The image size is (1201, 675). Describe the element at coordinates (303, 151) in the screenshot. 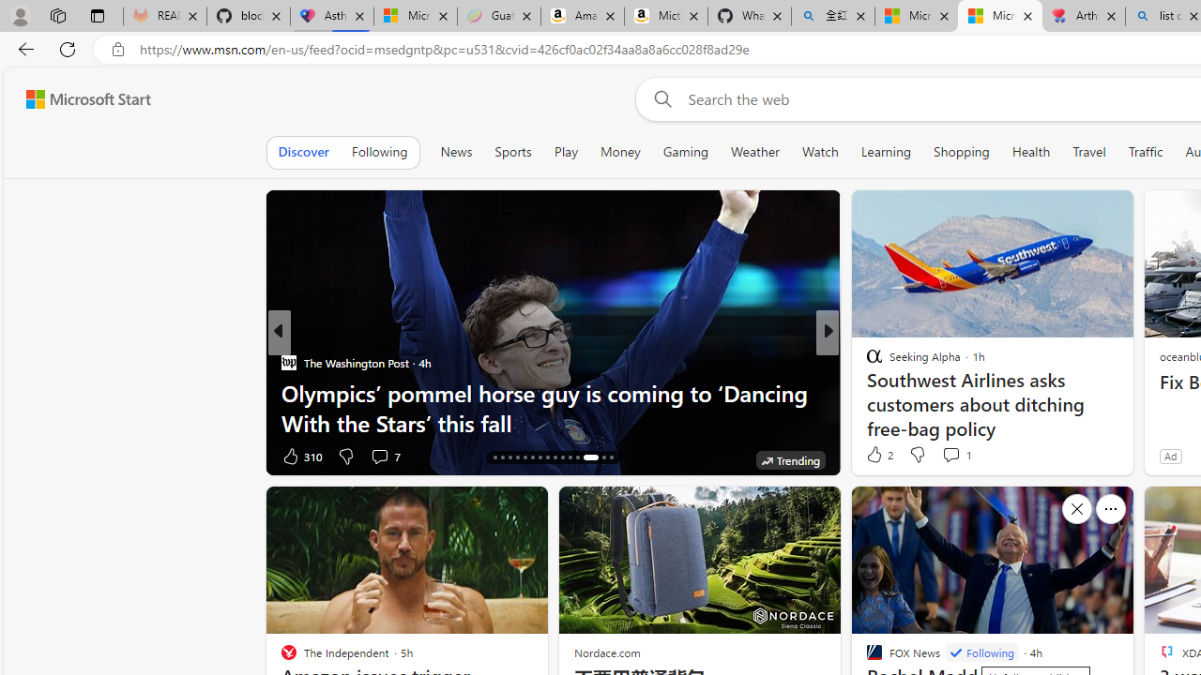

I see `'Discover'` at that location.